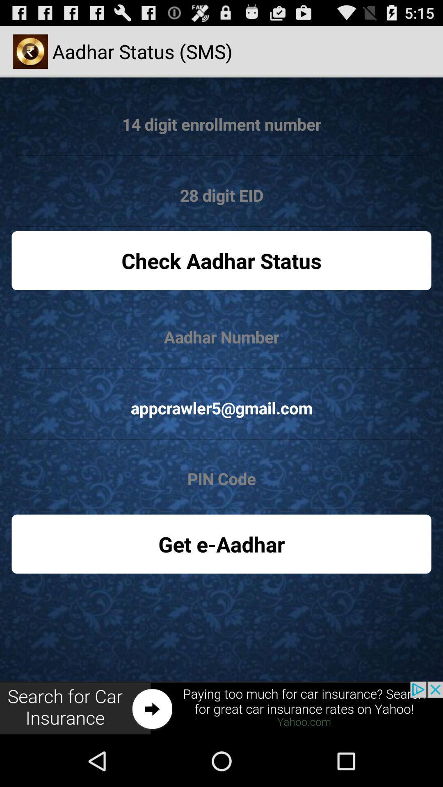 The width and height of the screenshot is (443, 787). Describe the element at coordinates (221, 479) in the screenshot. I see `pin code` at that location.